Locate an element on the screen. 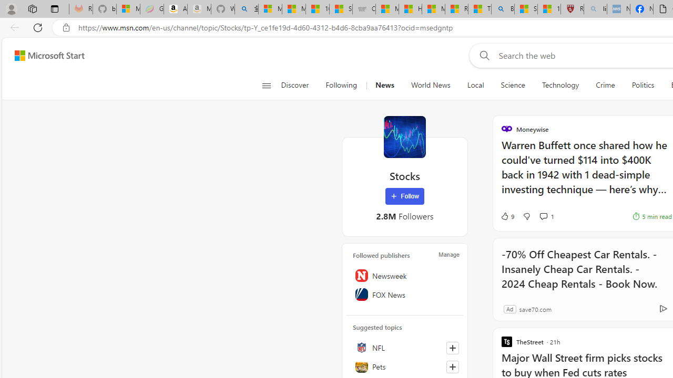 The width and height of the screenshot is (673, 378). 'Science - MSN' is located at coordinates (526, 9).